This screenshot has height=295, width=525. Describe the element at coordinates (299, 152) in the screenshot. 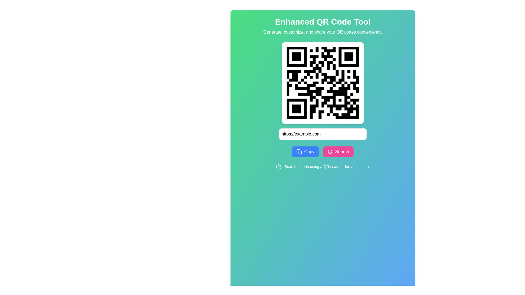

I see `the small square decorative graphic within the copy icon located to the left of the pink search button` at that location.